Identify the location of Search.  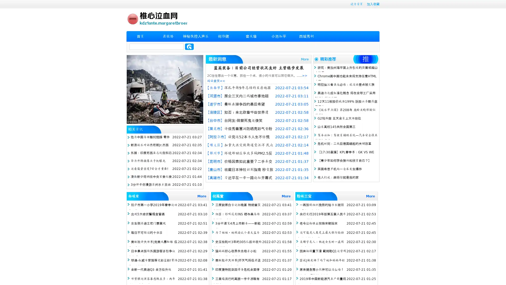
(189, 46).